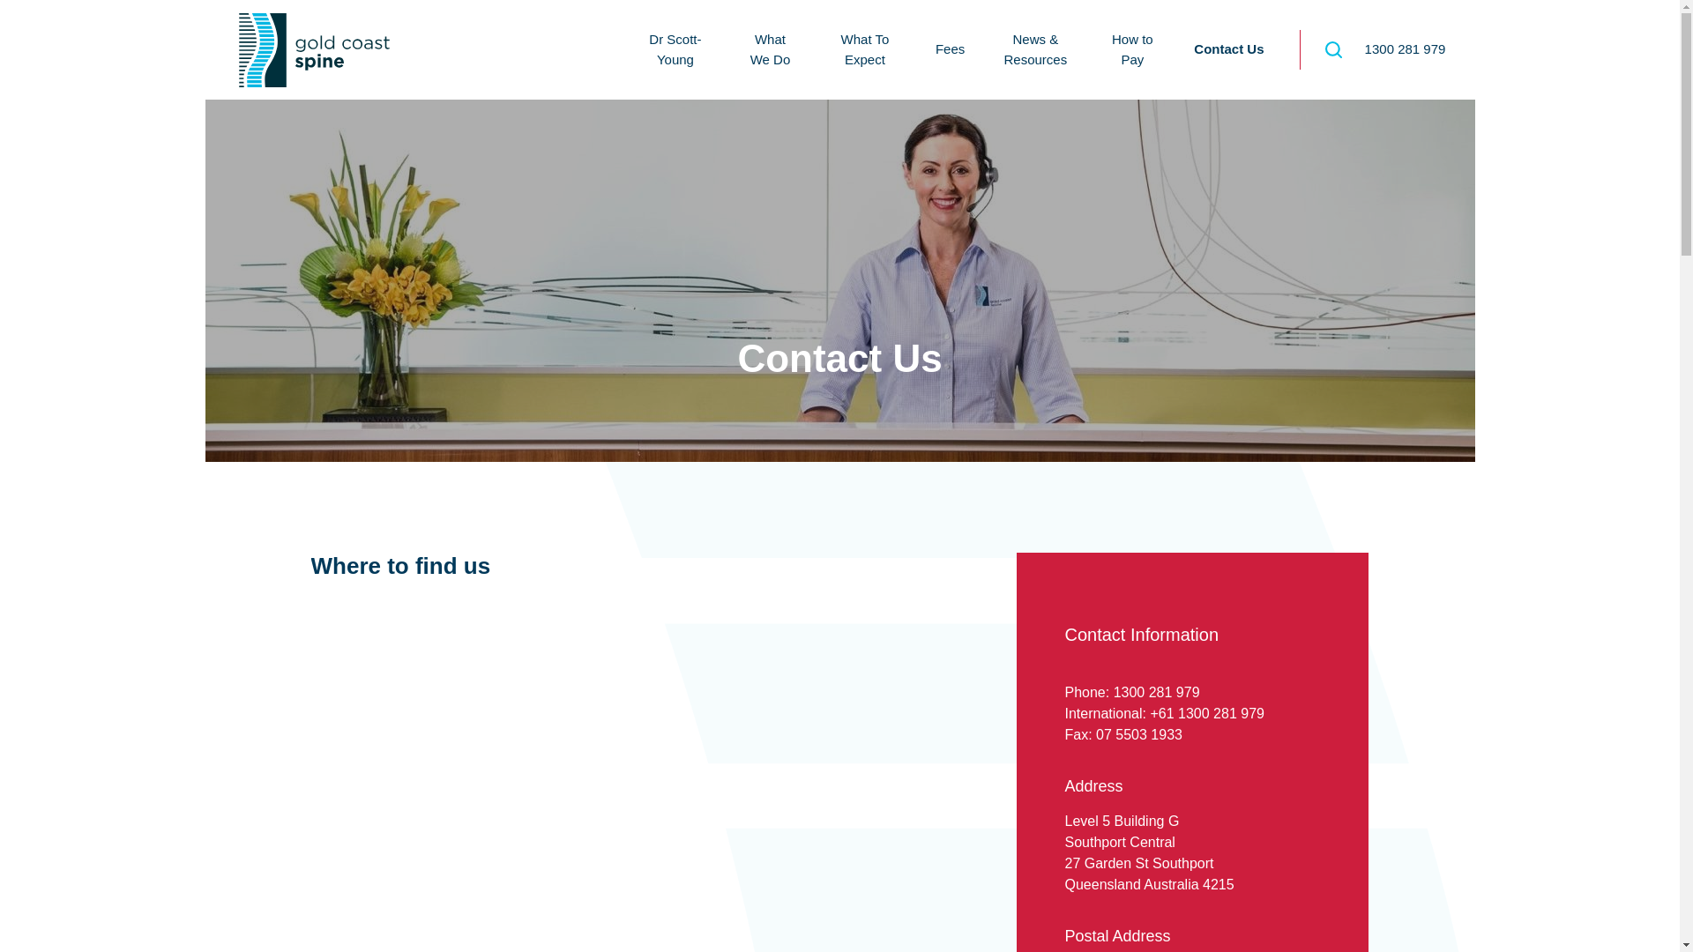 The width and height of the screenshot is (1693, 952). Describe the element at coordinates (1227, 48) in the screenshot. I see `'Contact Us'` at that location.